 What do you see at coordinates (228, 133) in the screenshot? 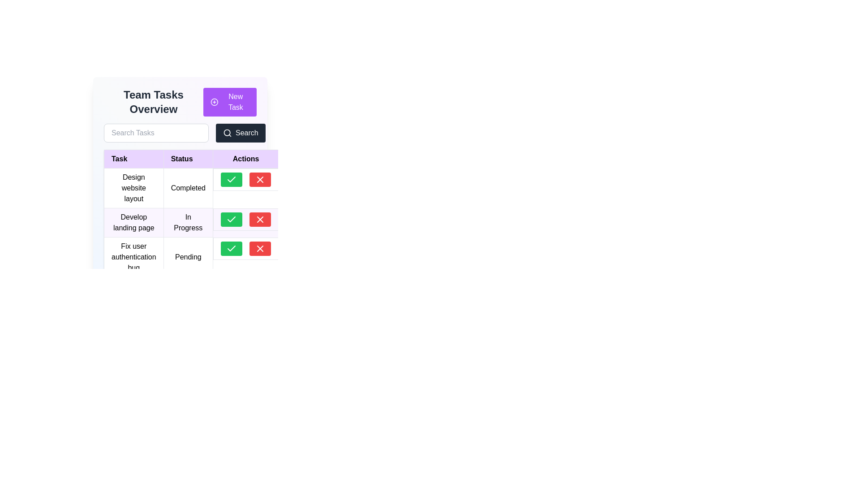
I see `the search icon located within the 'Search' button` at bounding box center [228, 133].